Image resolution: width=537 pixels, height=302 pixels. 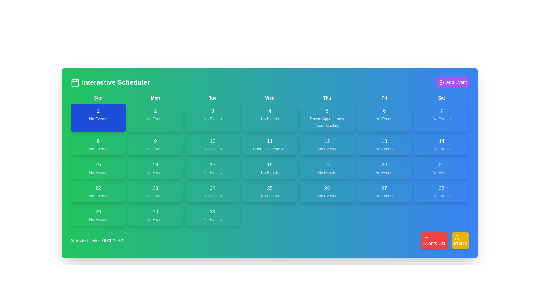 I want to click on the status indicator text label in the calendar component, which shows that no events are scheduled for the respective date, located centrally below the bold '4' text in the 'Wed' column, so click(x=270, y=118).